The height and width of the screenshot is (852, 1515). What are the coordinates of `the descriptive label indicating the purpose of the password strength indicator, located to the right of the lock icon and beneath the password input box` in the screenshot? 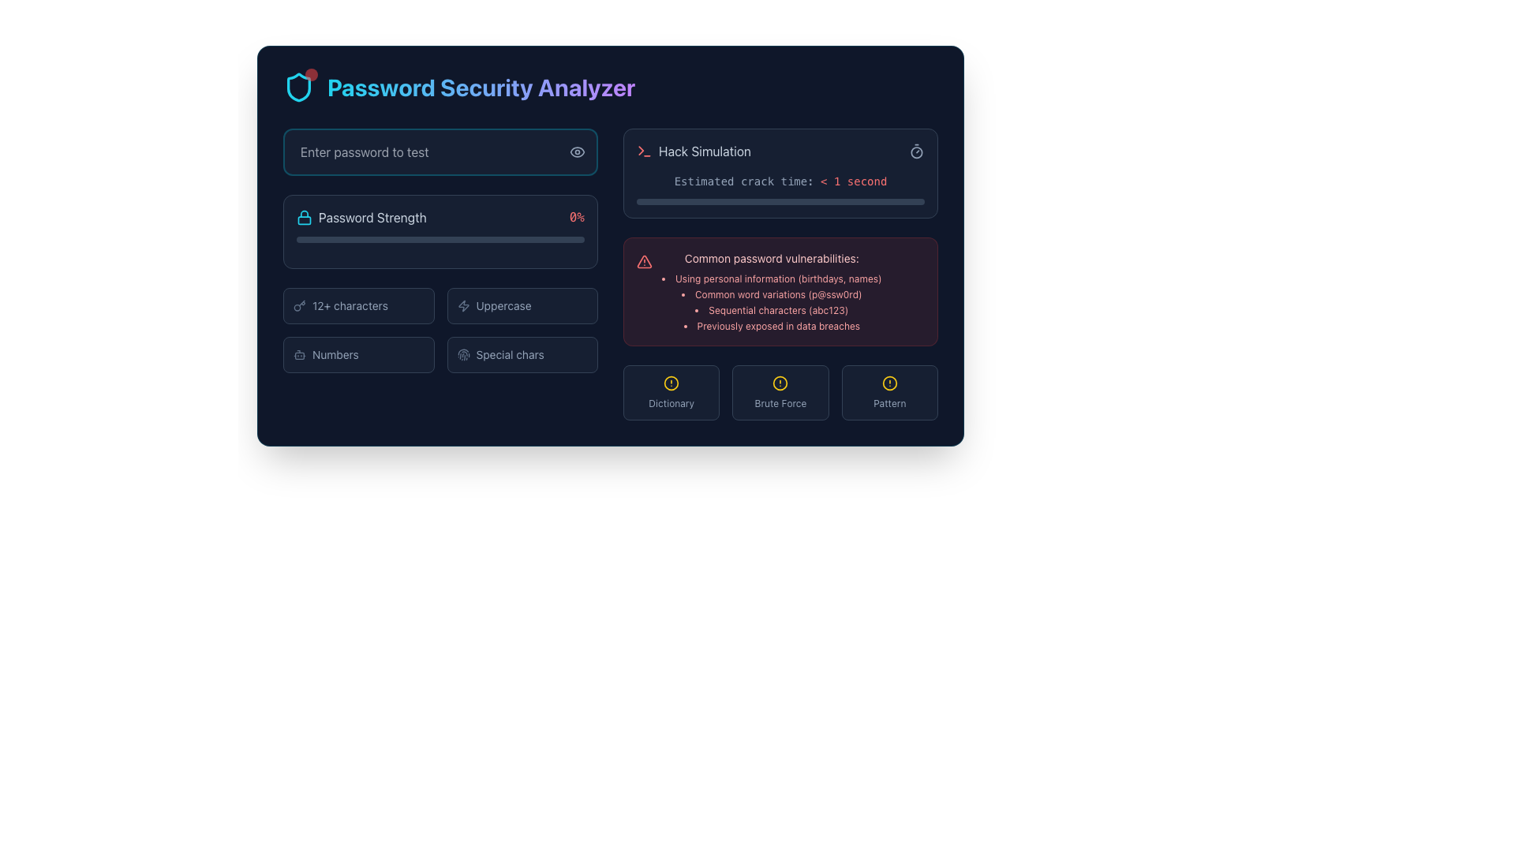 It's located at (372, 218).